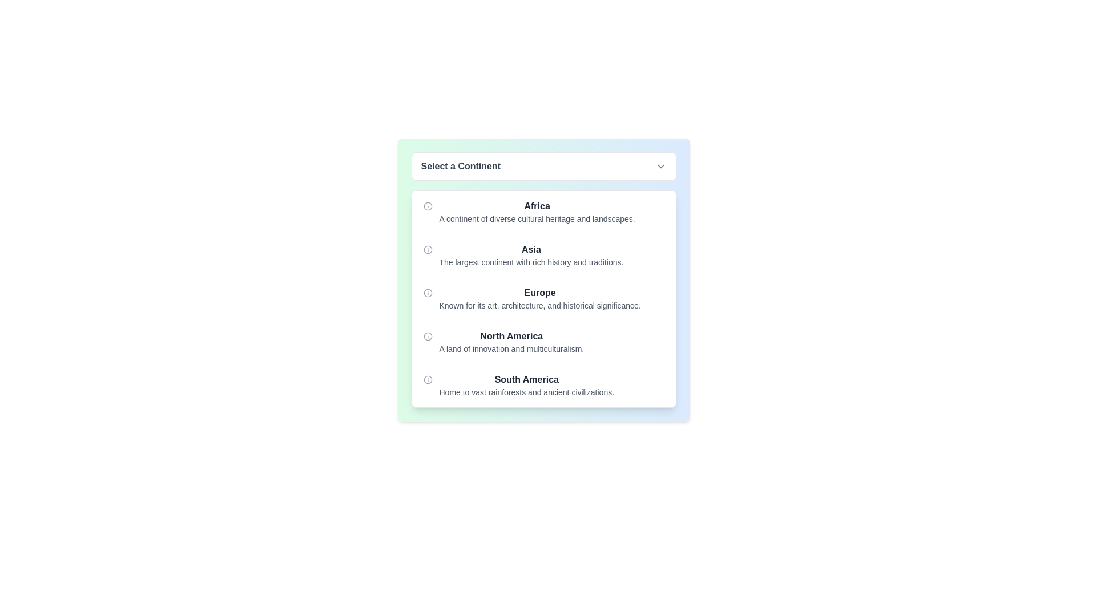 The width and height of the screenshot is (1096, 616). Describe the element at coordinates (531, 262) in the screenshot. I see `the informational text label that provides additional context about the 'Asia' selection option, located directly under the bold 'Asia' title in the 'Select a Continent' list view` at that location.